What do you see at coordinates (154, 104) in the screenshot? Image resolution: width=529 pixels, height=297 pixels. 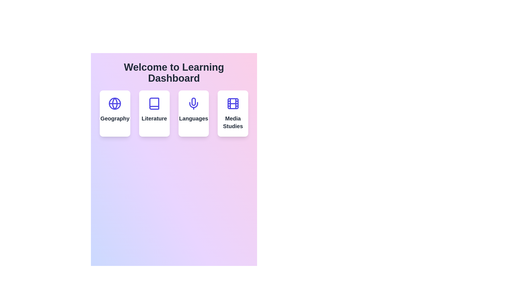 I see `the Literature icon, which is a book-shaped icon in bold indigo color located in the second card under the heading 'Welcome to Learning Dashboard'` at bounding box center [154, 104].